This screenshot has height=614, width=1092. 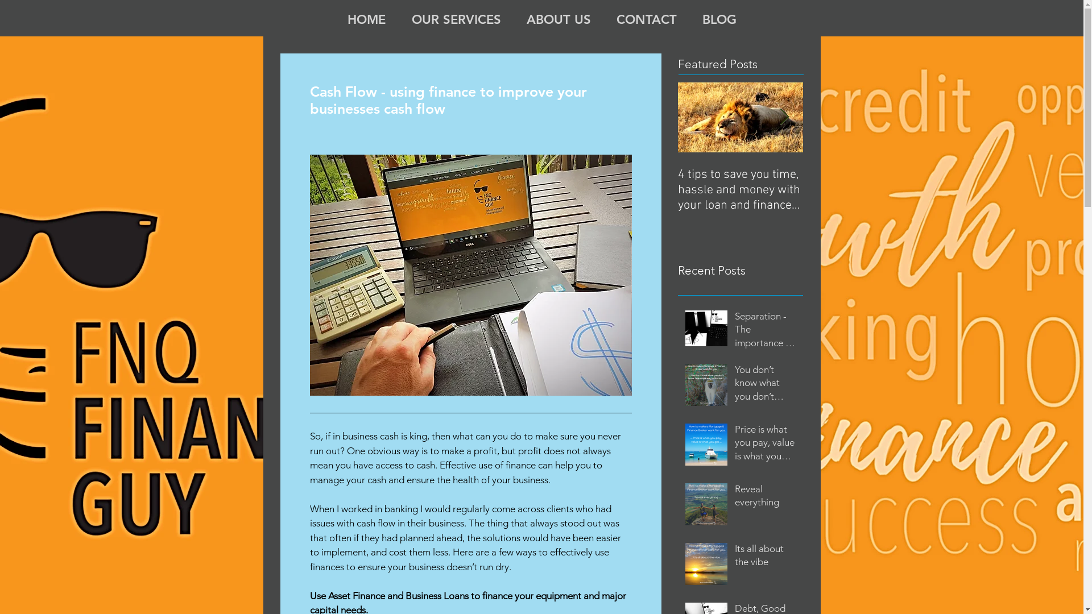 What do you see at coordinates (765, 445) in the screenshot?
I see `'Price is what you pay, value is what you get'` at bounding box center [765, 445].